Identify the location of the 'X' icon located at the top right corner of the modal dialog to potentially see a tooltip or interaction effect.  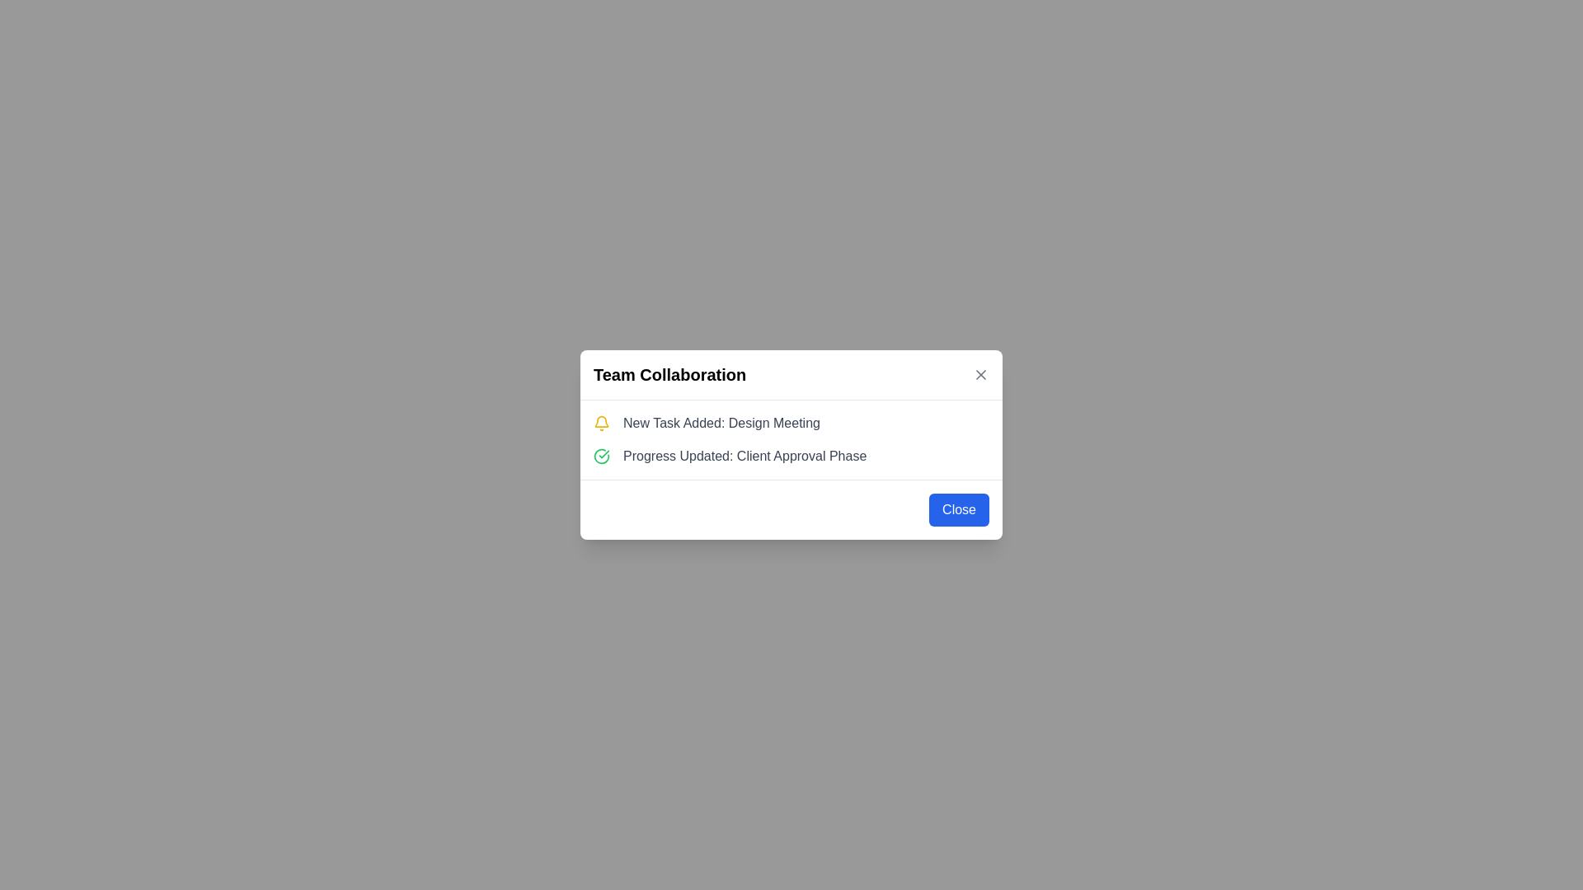
(981, 375).